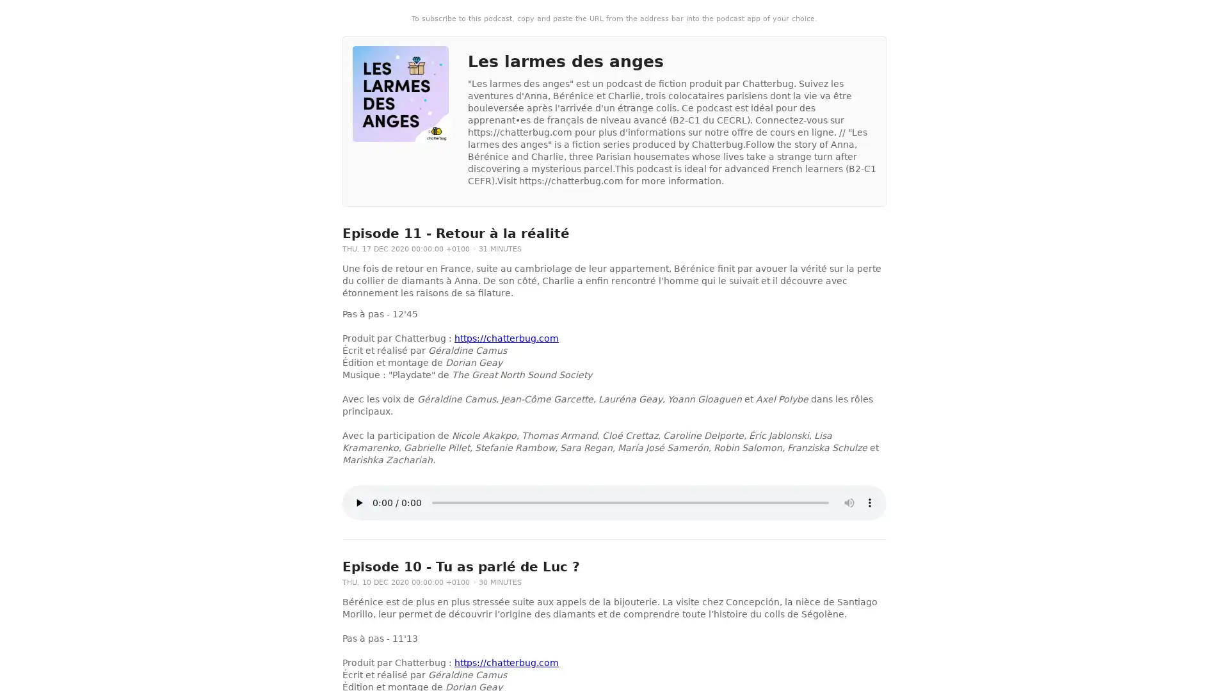 This screenshot has height=691, width=1229. Describe the element at coordinates (849, 502) in the screenshot. I see `mute` at that location.